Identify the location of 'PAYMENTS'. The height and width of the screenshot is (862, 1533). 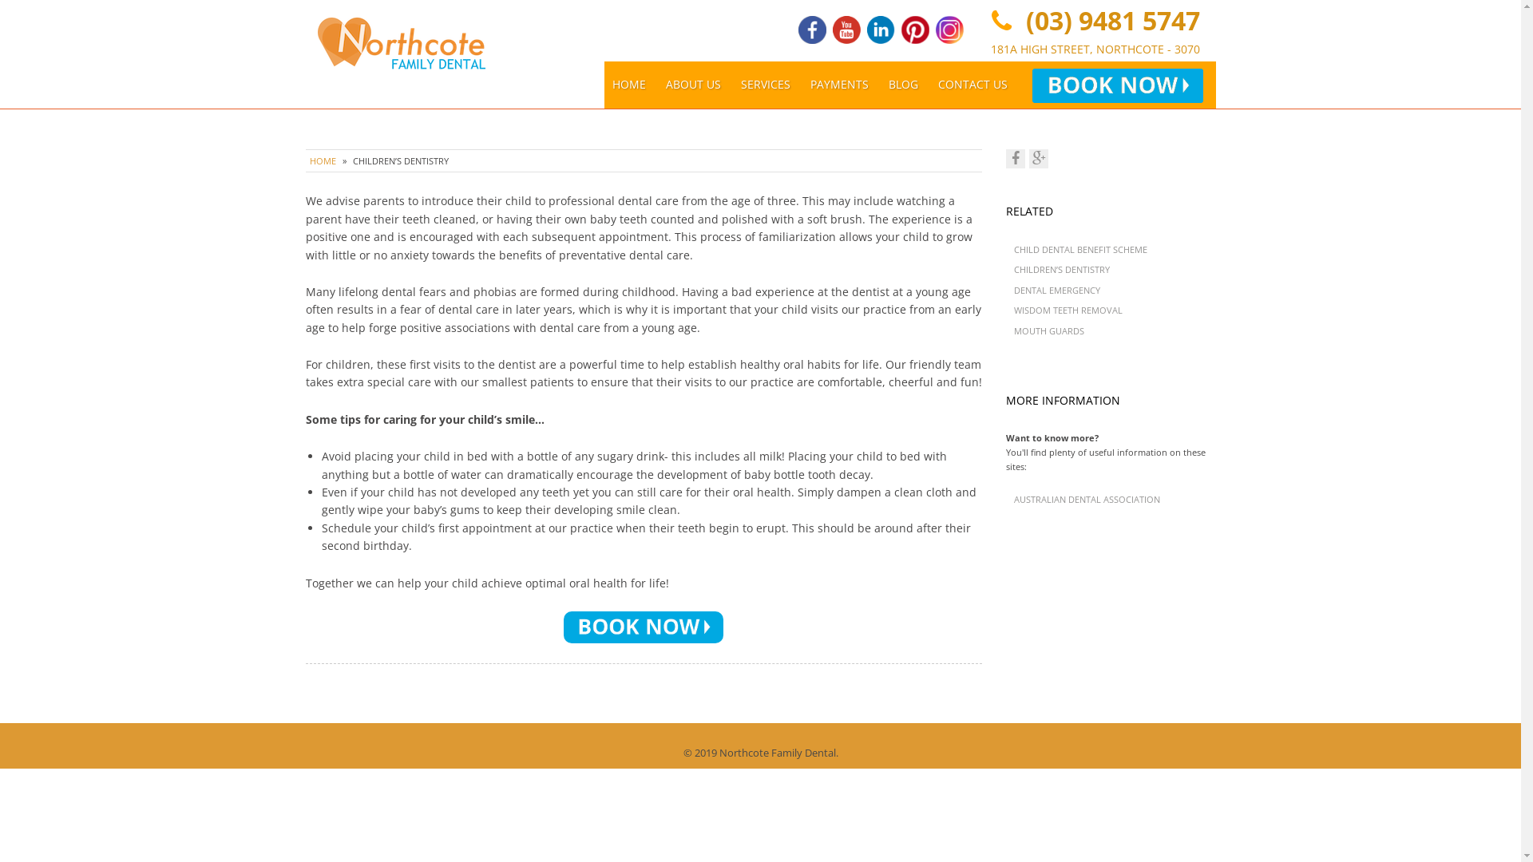
(838, 84).